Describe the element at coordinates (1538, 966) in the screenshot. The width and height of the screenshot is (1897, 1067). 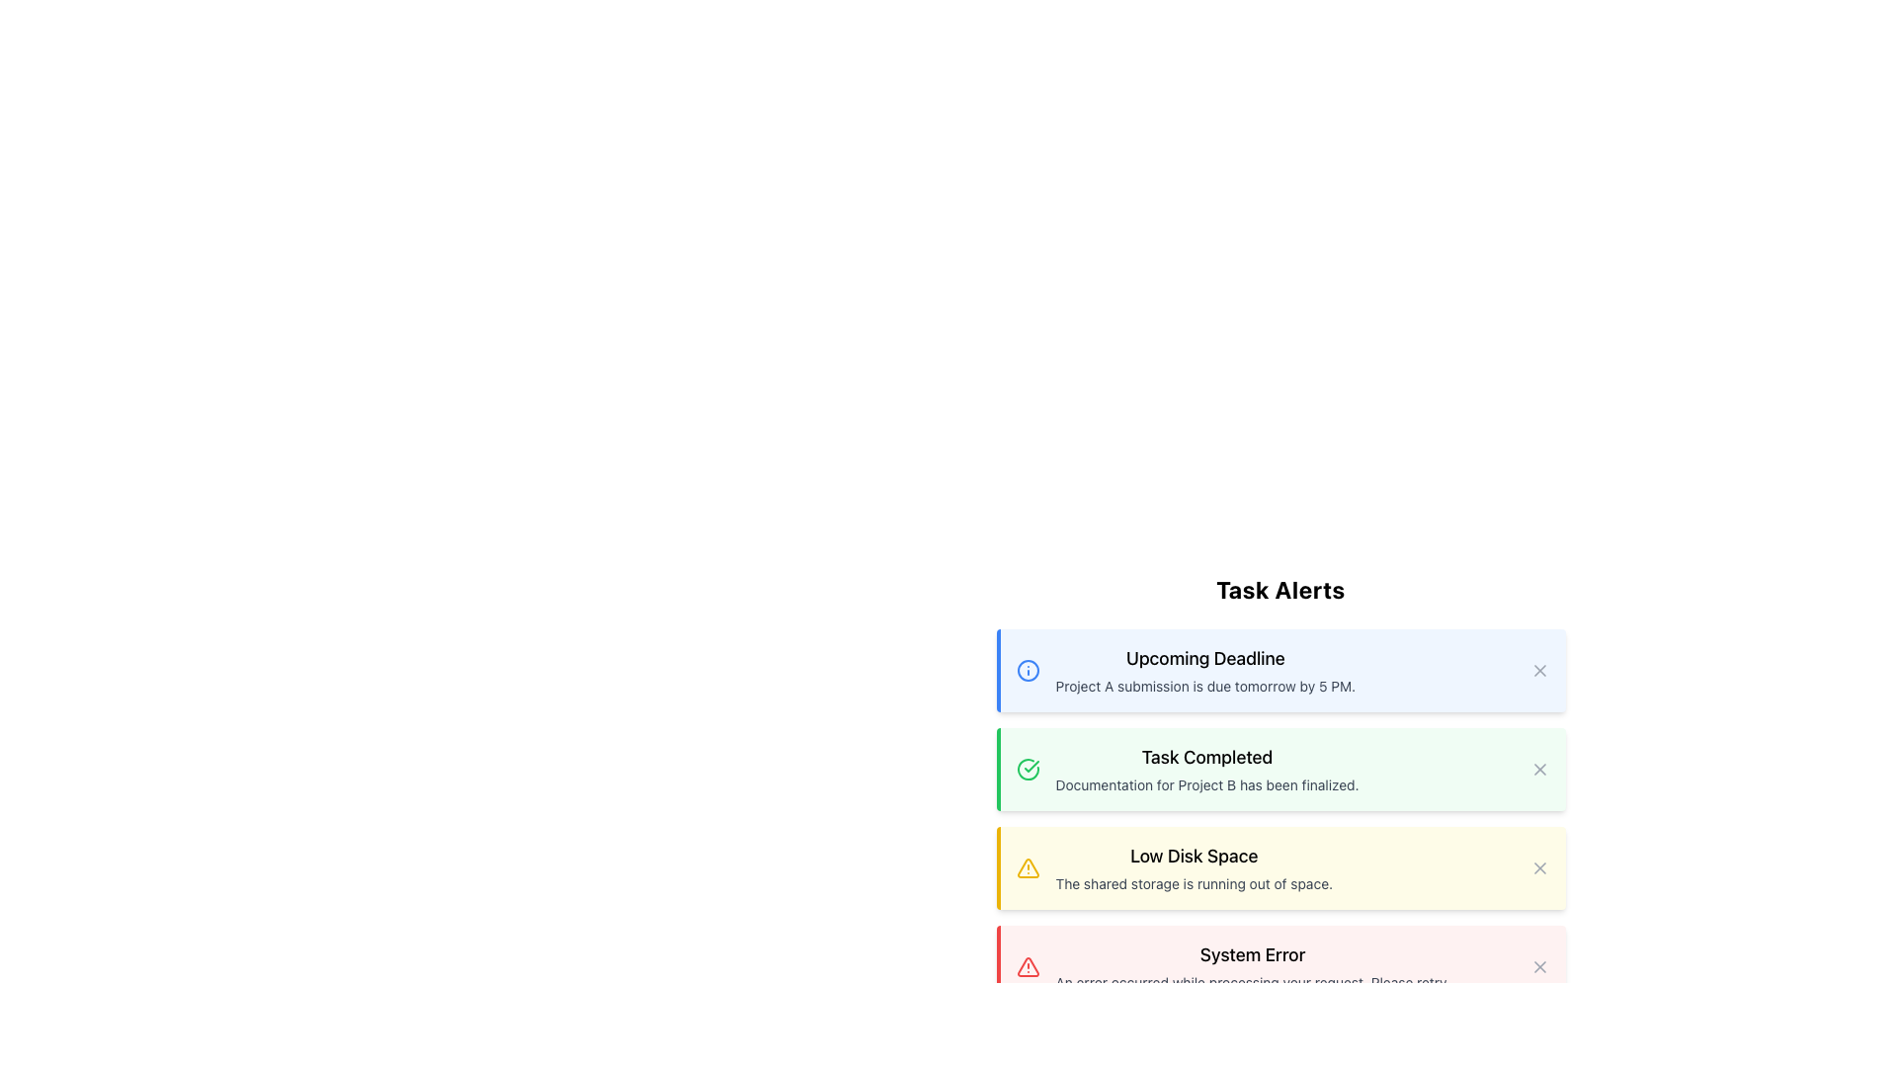
I see `the dismiss button located at the rightmost edge of the 'System Error' notification panel` at that location.